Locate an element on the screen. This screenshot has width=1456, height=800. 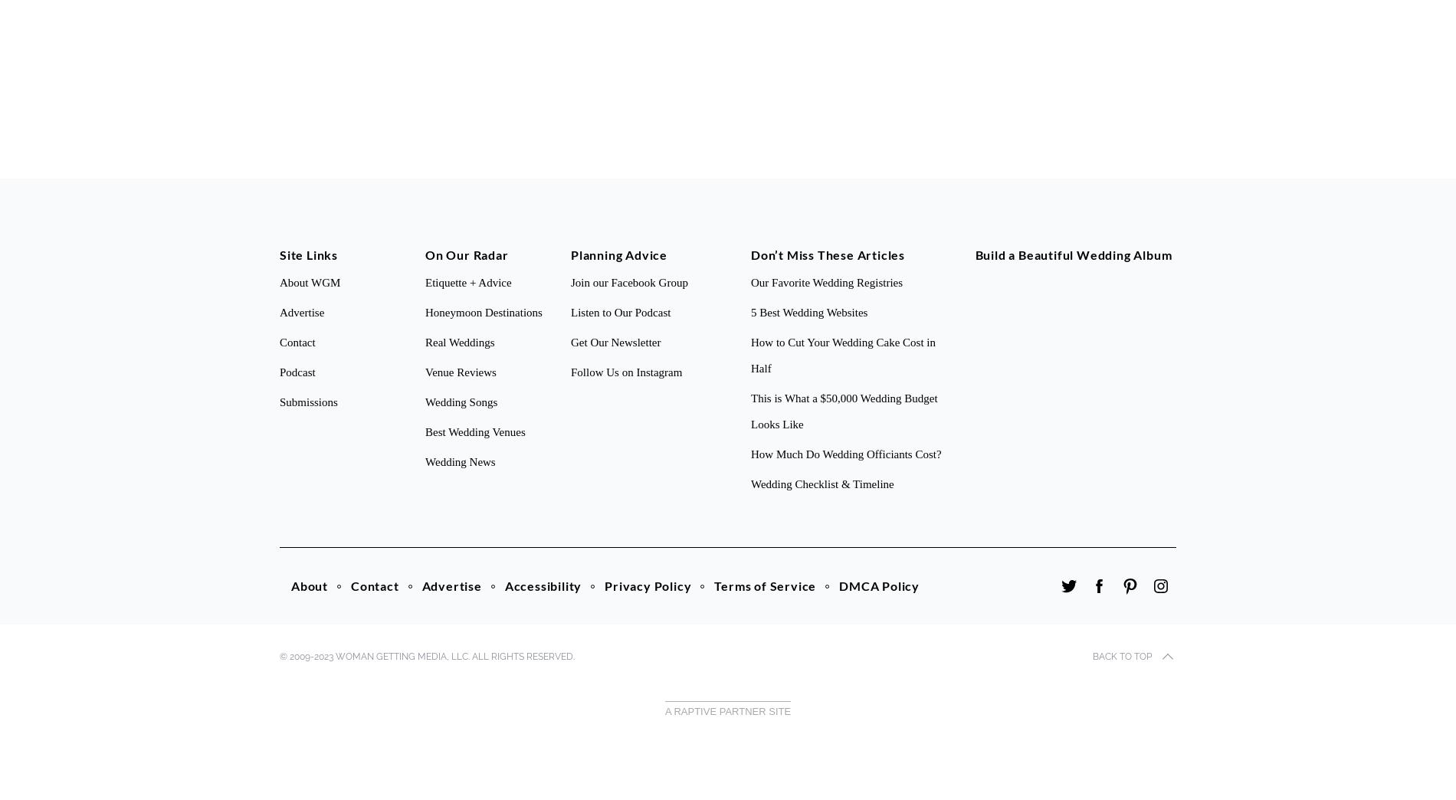
'How to Cut Your Wedding Cake Cost in Half' is located at coordinates (843, 355).